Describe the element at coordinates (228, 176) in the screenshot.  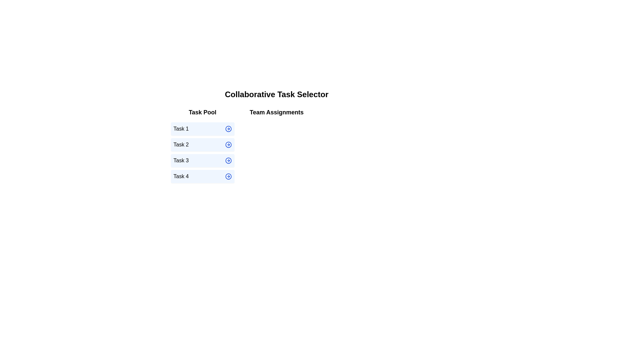
I see `the arrow icon next to the task Task 4 in the Task Pool to move it to Team Assignments` at that location.